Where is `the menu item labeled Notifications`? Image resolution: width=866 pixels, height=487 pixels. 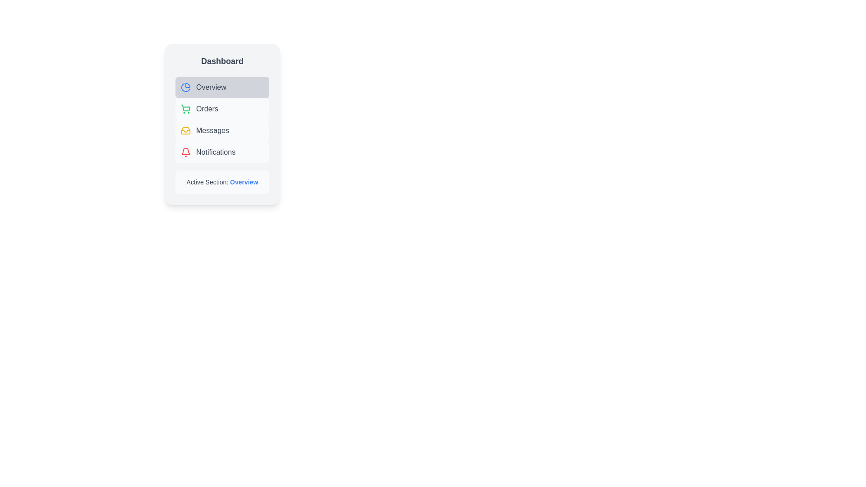 the menu item labeled Notifications is located at coordinates (222, 152).